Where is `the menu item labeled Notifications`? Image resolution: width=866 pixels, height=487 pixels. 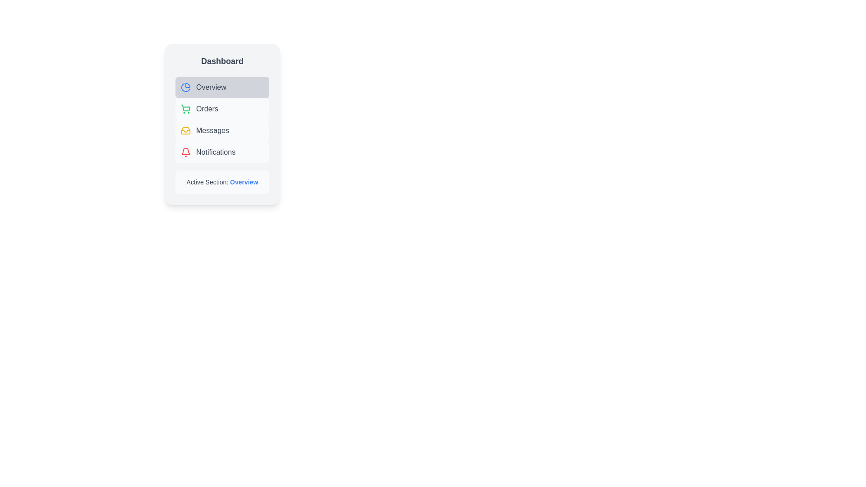 the menu item labeled Notifications is located at coordinates (222, 152).